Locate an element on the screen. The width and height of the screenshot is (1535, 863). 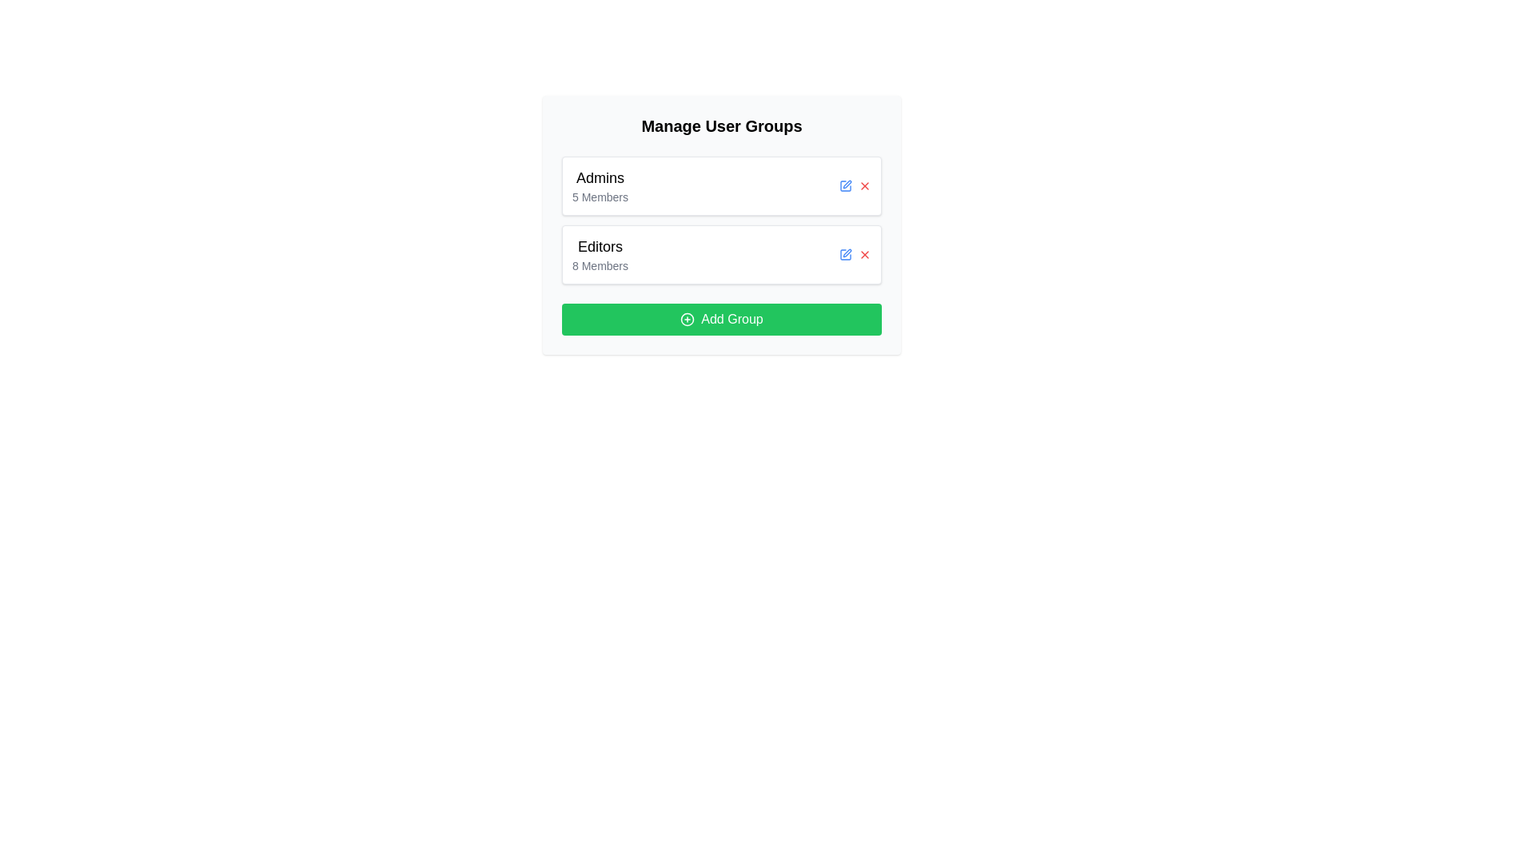
the text label displaying 'Admins' in bold and '5 Members' in regular font is located at coordinates (600, 185).